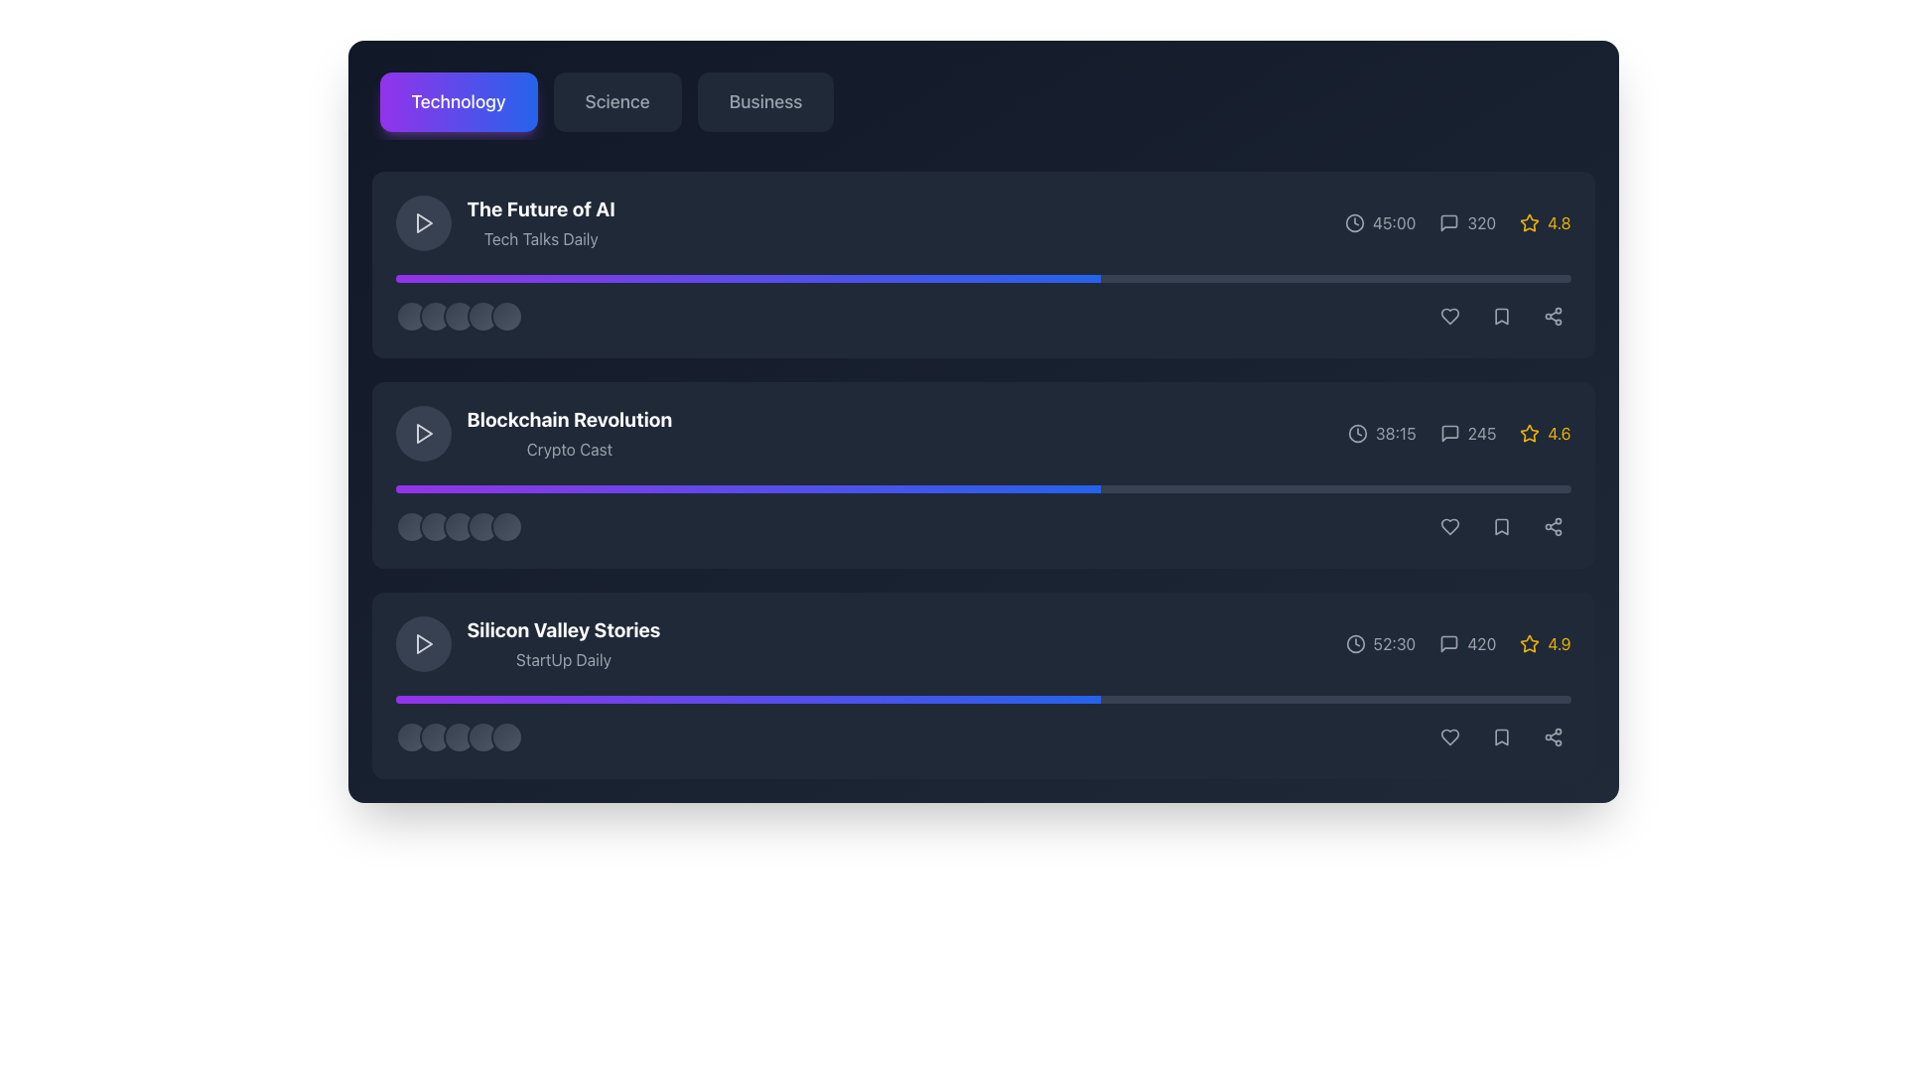 The width and height of the screenshot is (1906, 1072). I want to click on the Icon button located on the far right of the middle entry in a vertical list of content items, so click(1501, 316).